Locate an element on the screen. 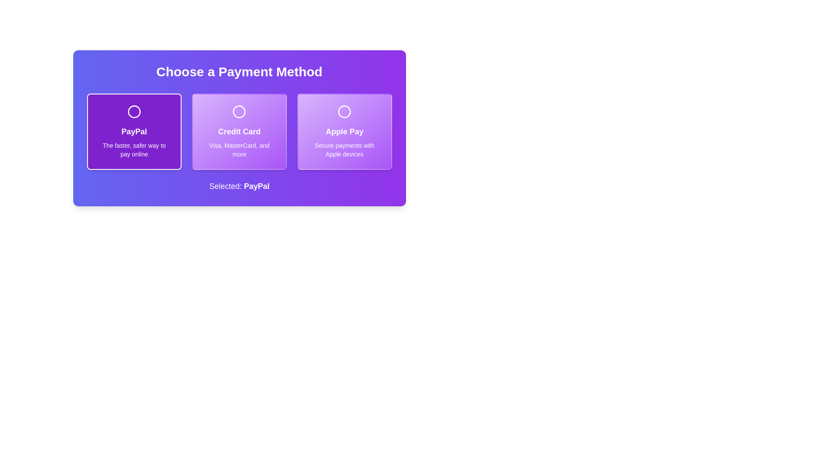 This screenshot has width=832, height=468. the header text element that informs users about the section's purpose for choosing a payment method is located at coordinates (239, 71).